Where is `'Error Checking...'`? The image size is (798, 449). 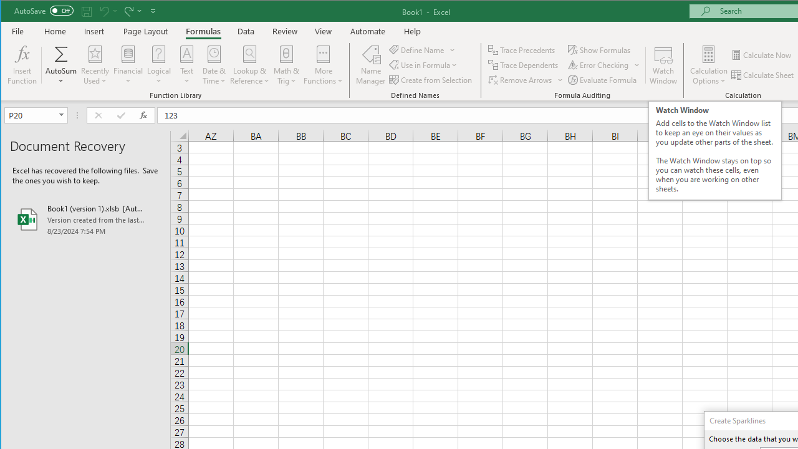
'Error Checking...' is located at coordinates (599, 65).